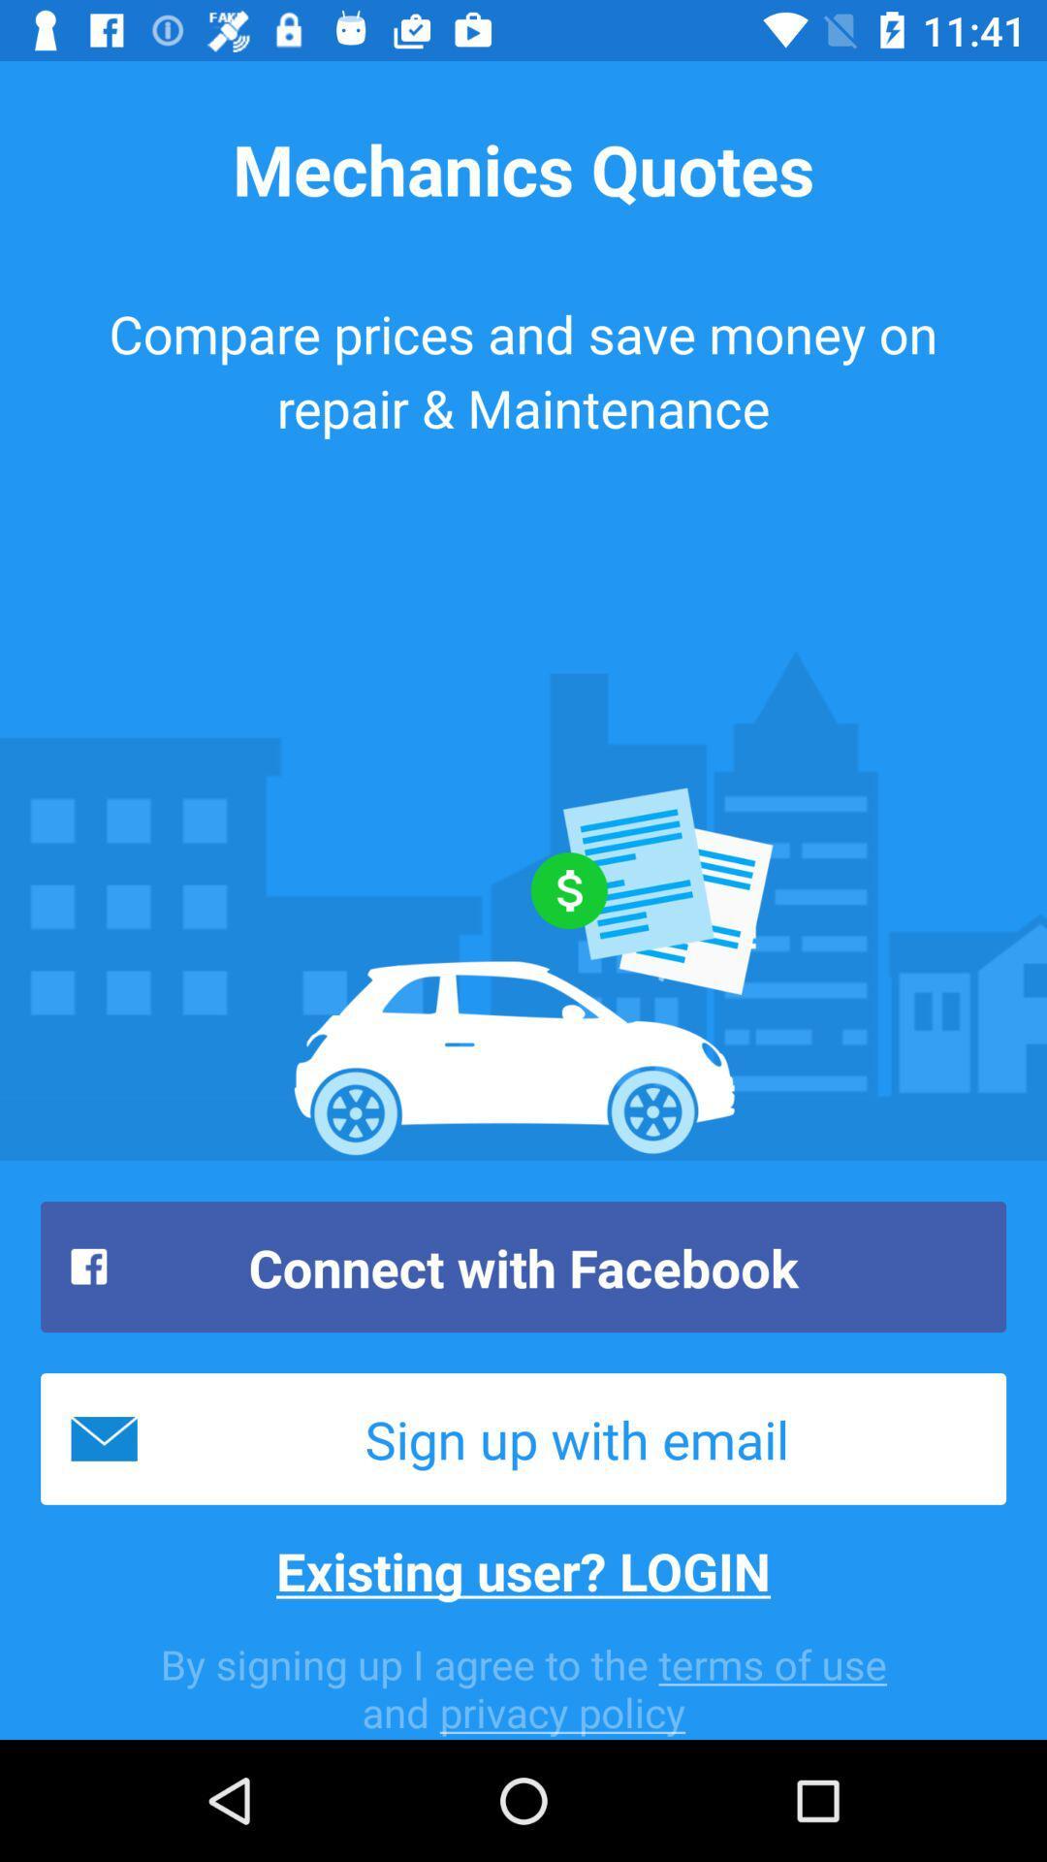  Describe the element at coordinates (523, 1570) in the screenshot. I see `existing user? login item` at that location.